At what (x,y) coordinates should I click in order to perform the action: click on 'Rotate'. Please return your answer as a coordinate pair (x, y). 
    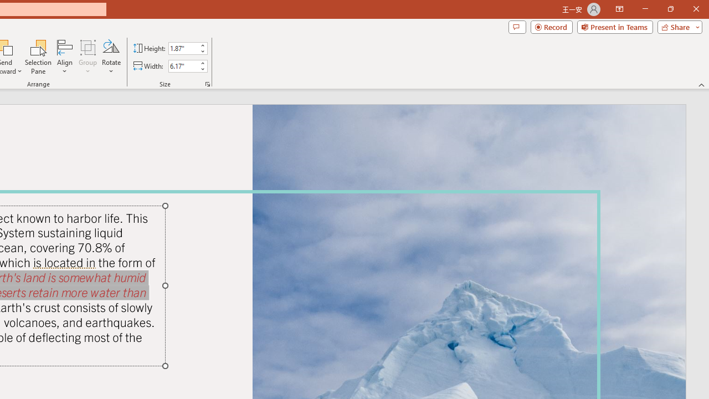
    Looking at the image, I should click on (111, 57).